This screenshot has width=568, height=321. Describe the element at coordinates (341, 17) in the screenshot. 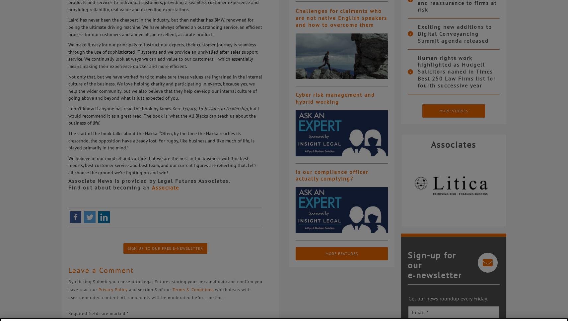

I see `'Challenges for claimants who are not native English speakers and how to overcome them'` at that location.